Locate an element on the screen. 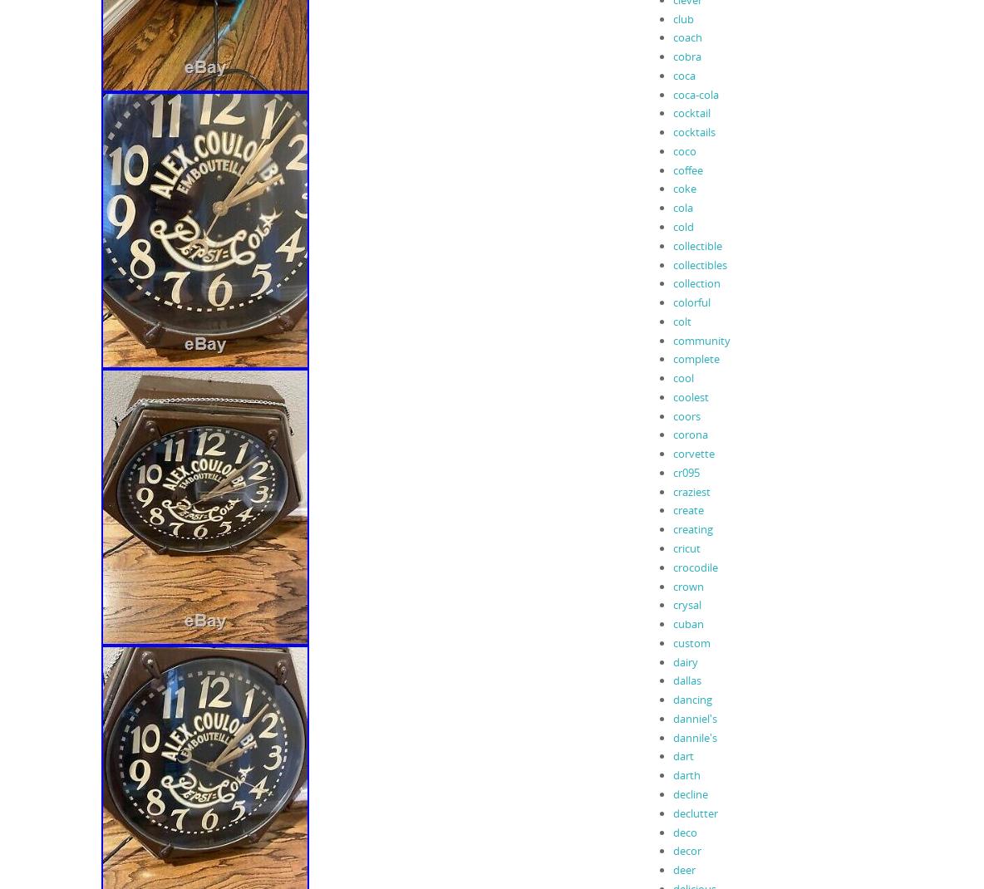  'collectibles' is located at coordinates (699, 264).